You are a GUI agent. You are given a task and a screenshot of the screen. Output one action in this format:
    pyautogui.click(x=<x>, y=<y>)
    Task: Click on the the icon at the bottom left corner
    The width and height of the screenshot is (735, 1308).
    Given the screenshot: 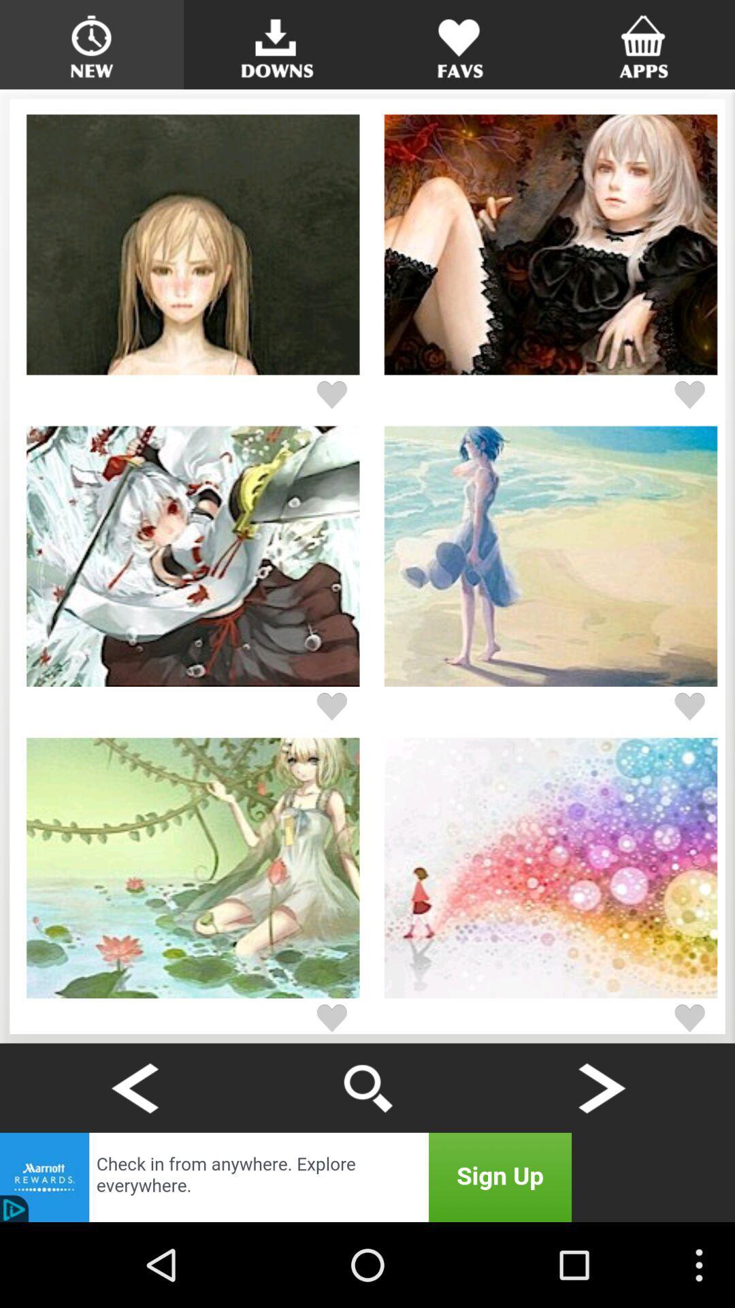 What is the action you would take?
    pyautogui.click(x=133, y=1087)
    